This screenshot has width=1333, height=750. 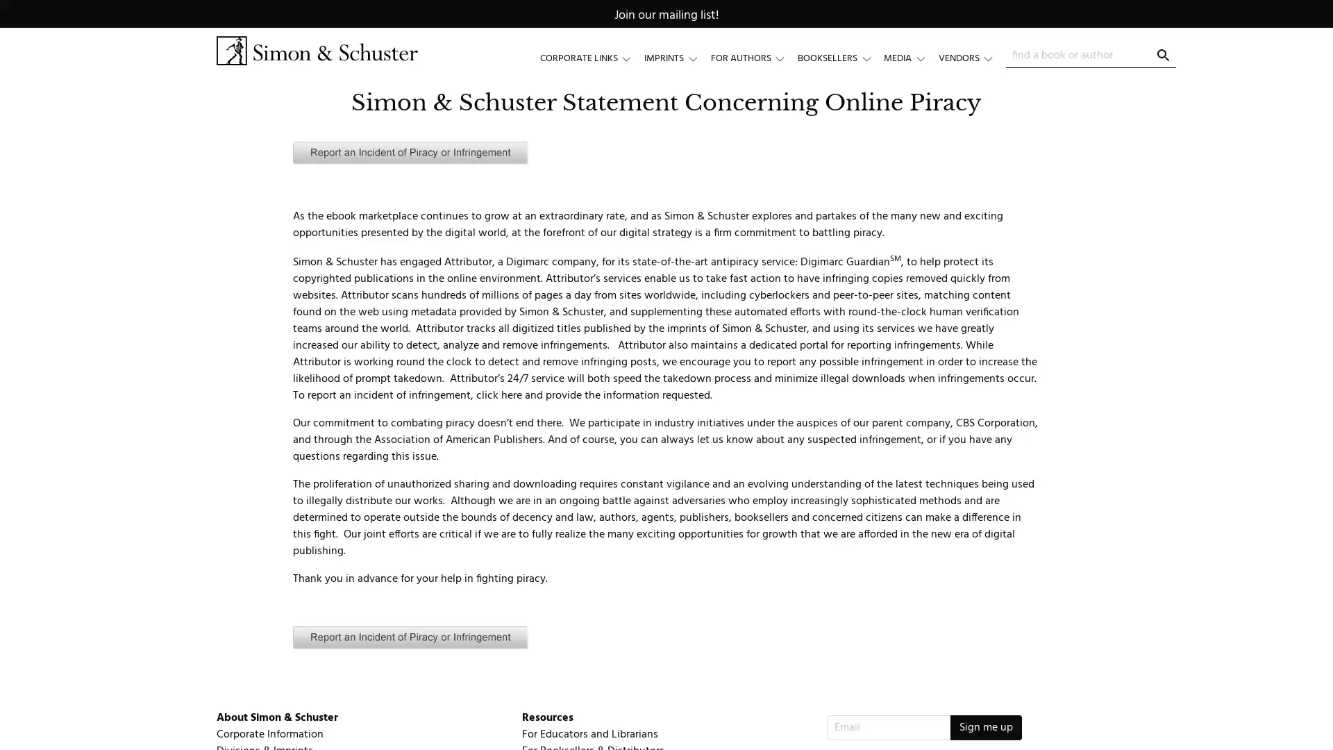 What do you see at coordinates (984, 726) in the screenshot?
I see `Sign me up` at bounding box center [984, 726].